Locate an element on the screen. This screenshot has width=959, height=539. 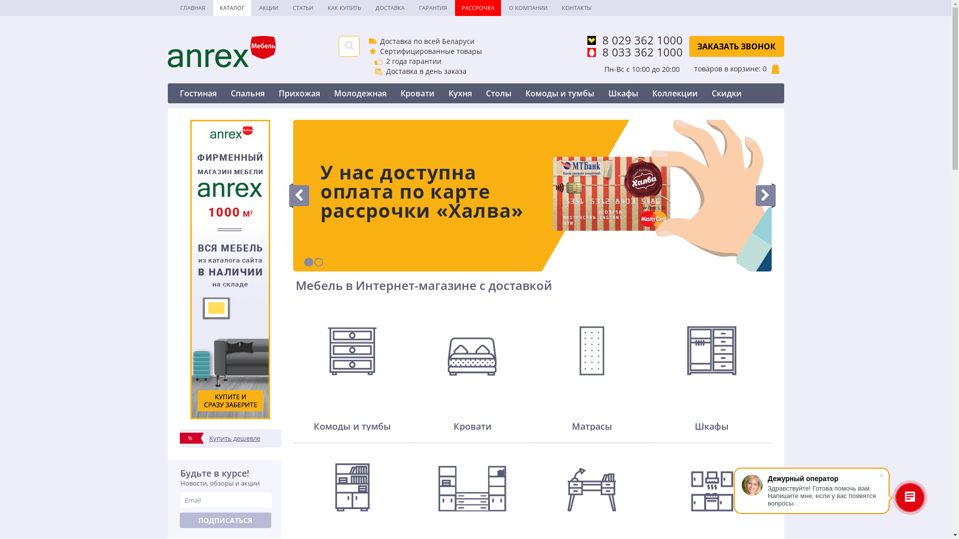
'1' is located at coordinates (303, 262).